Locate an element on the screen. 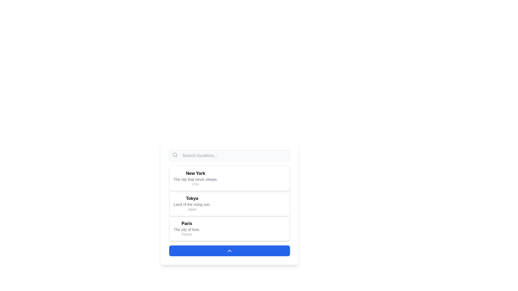 This screenshot has width=518, height=291. the second list item that presents the name of a city, its subtitle, and country, located between 'New York' and 'Paris' is located at coordinates (229, 203).